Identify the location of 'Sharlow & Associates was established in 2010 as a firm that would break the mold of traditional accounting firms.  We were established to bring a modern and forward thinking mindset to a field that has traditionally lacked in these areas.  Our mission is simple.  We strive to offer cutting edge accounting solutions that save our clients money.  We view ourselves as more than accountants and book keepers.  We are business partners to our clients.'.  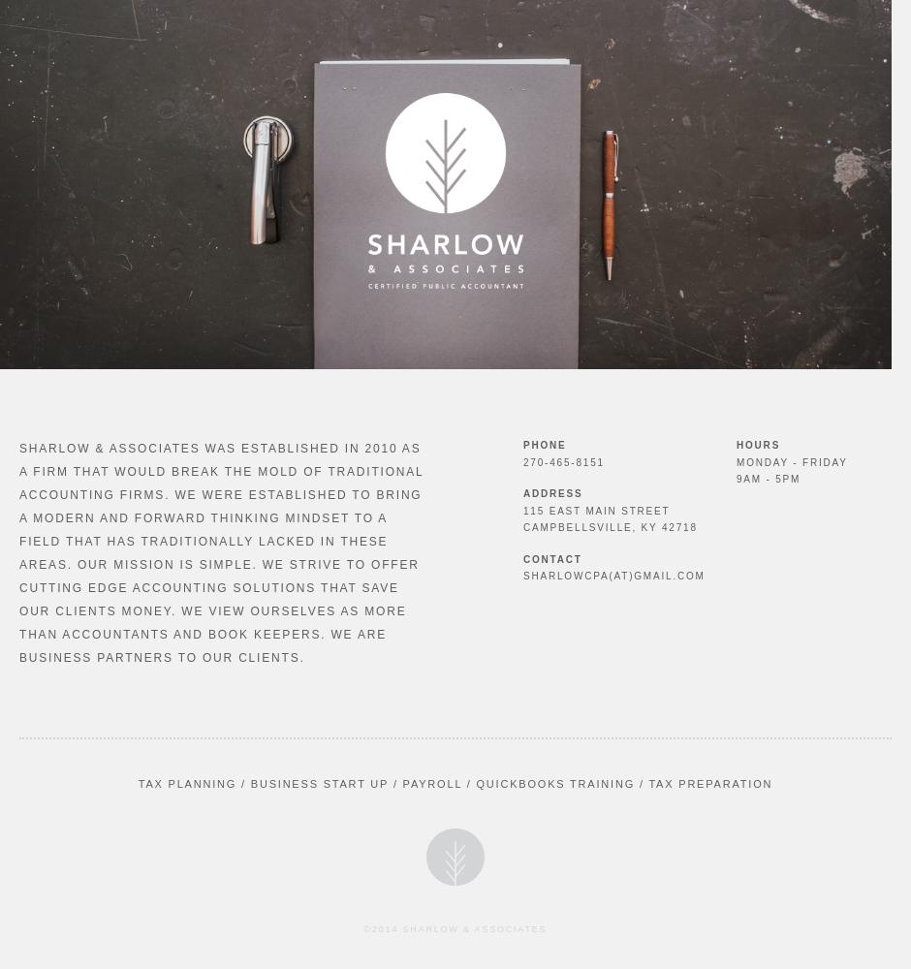
(19, 552).